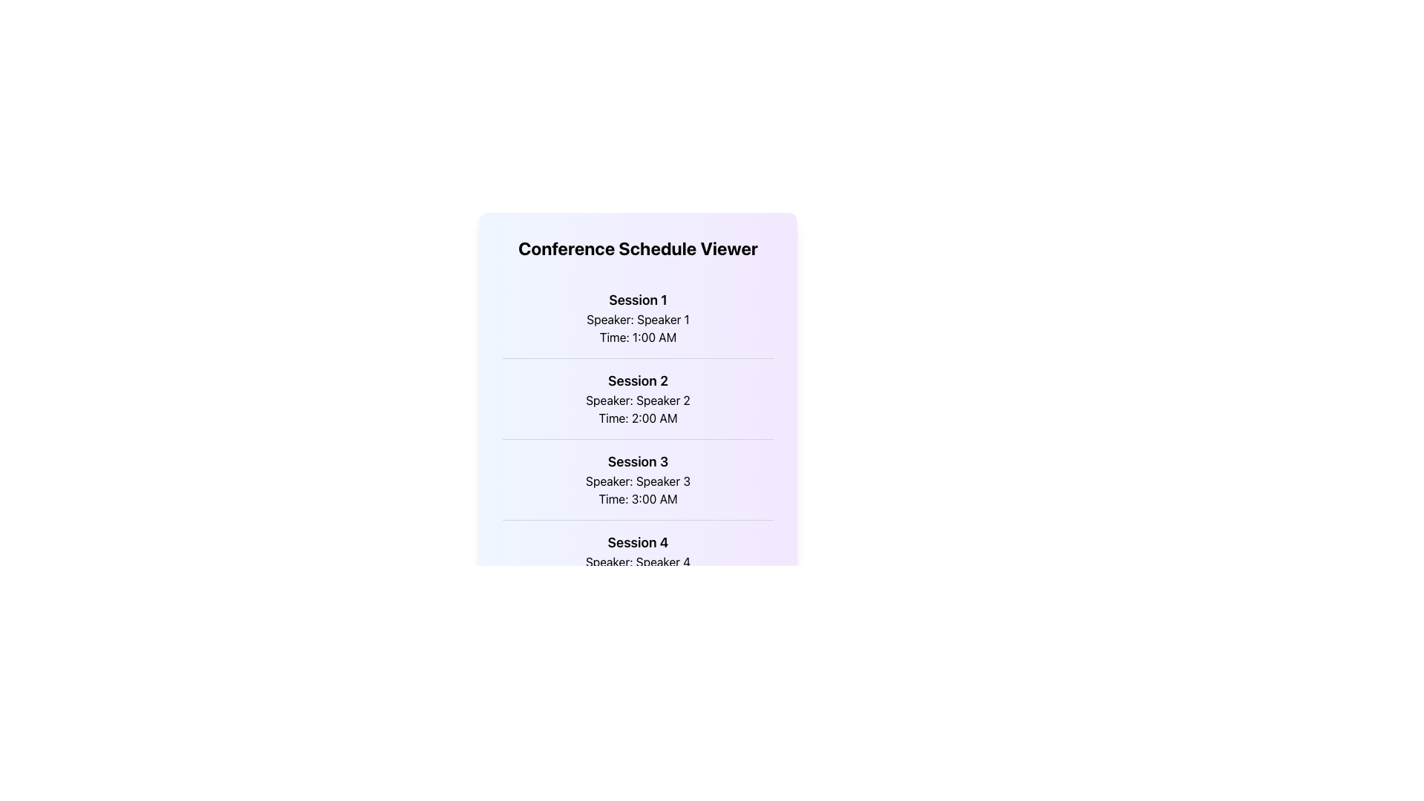  What do you see at coordinates (638, 481) in the screenshot?
I see `the contextual information associated with the text label indicating the speaker's name` at bounding box center [638, 481].